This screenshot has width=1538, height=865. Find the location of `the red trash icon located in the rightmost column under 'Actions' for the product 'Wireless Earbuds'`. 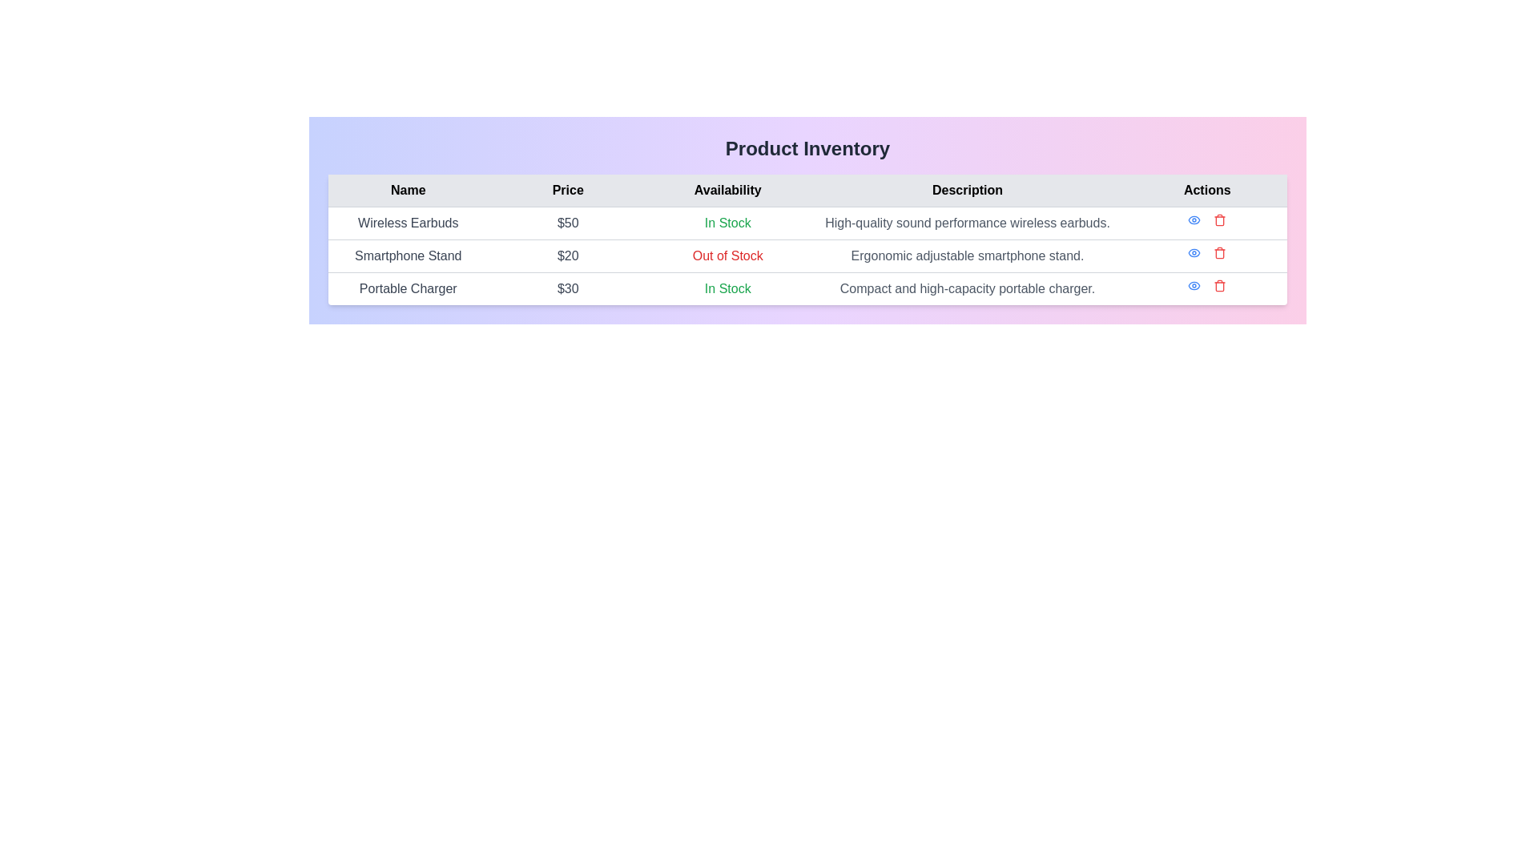

the red trash icon located in the rightmost column under 'Actions' for the product 'Wireless Earbuds' is located at coordinates (1207, 219).